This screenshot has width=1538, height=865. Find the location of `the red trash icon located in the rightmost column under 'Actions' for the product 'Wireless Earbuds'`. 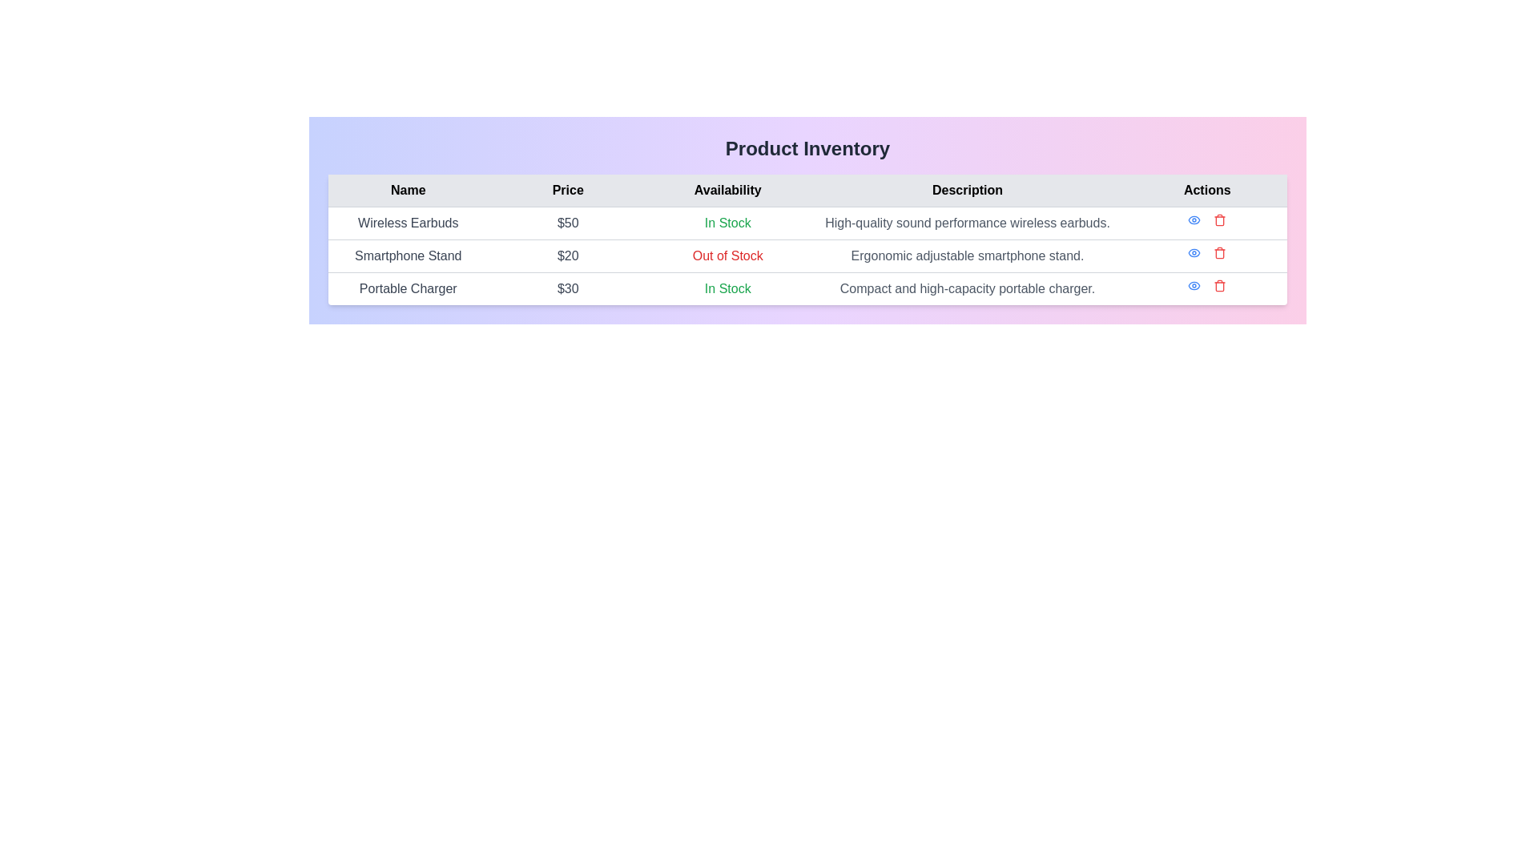

the red trash icon located in the rightmost column under 'Actions' for the product 'Wireless Earbuds' is located at coordinates (1207, 219).